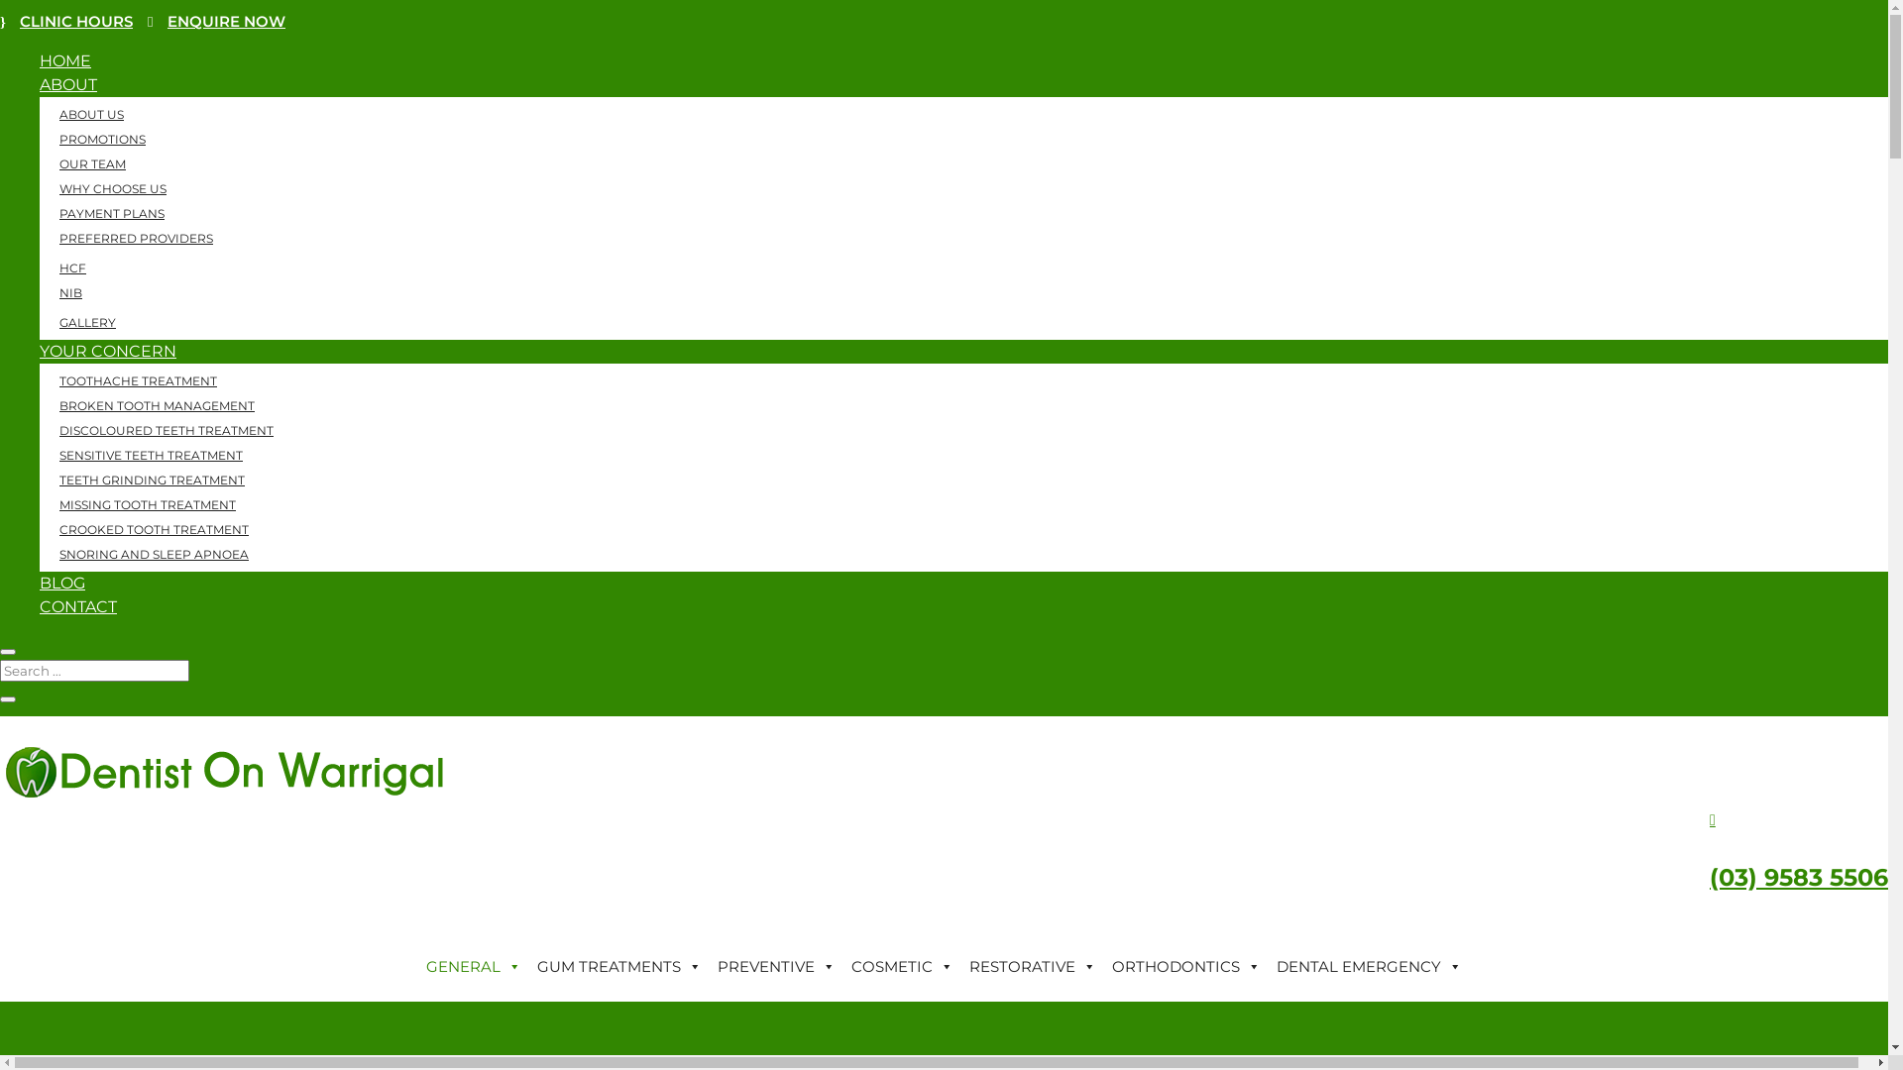  I want to click on 'DISCOLOURED TEETH TREATMENT', so click(167, 429).